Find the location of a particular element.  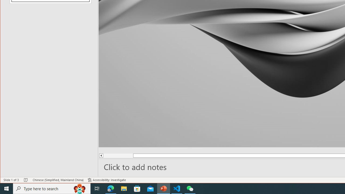

'Visual Studio Code - 1 running window' is located at coordinates (177, 188).